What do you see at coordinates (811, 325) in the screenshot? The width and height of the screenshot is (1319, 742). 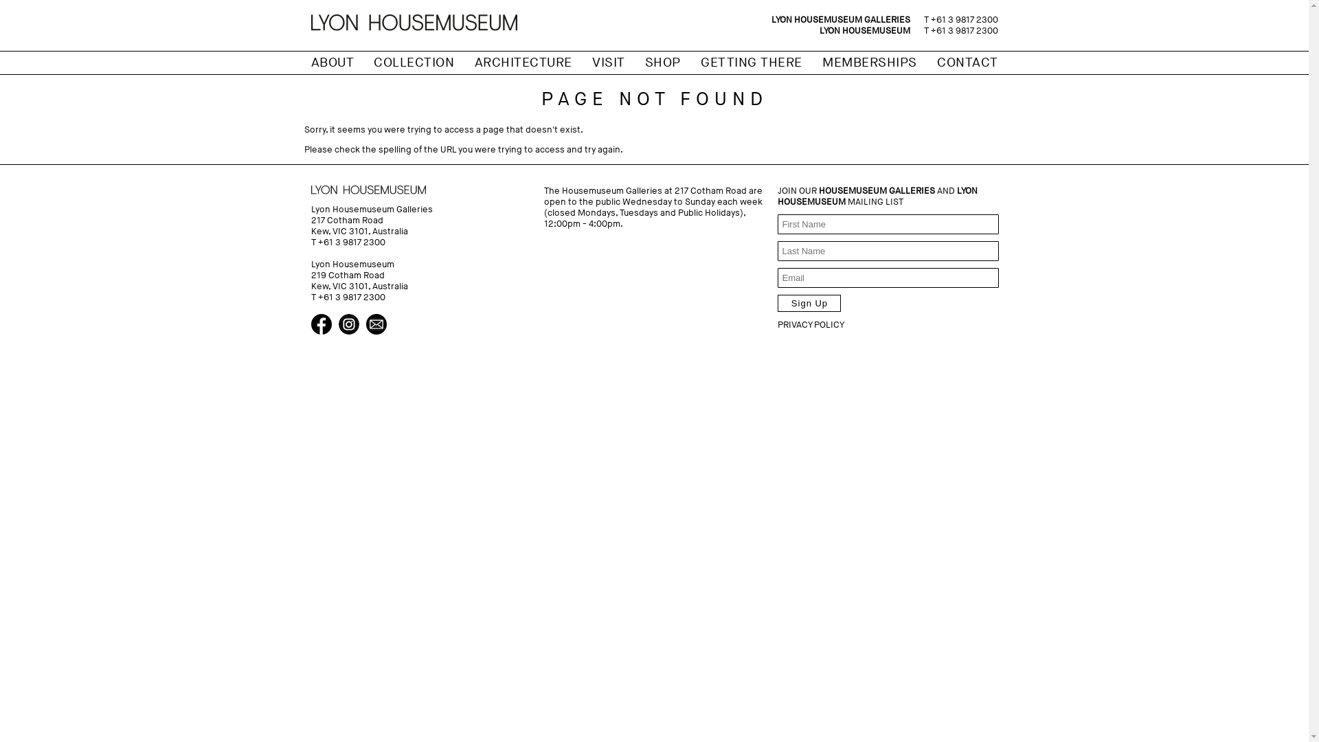 I see `'PRIVACY POLICY'` at bounding box center [811, 325].